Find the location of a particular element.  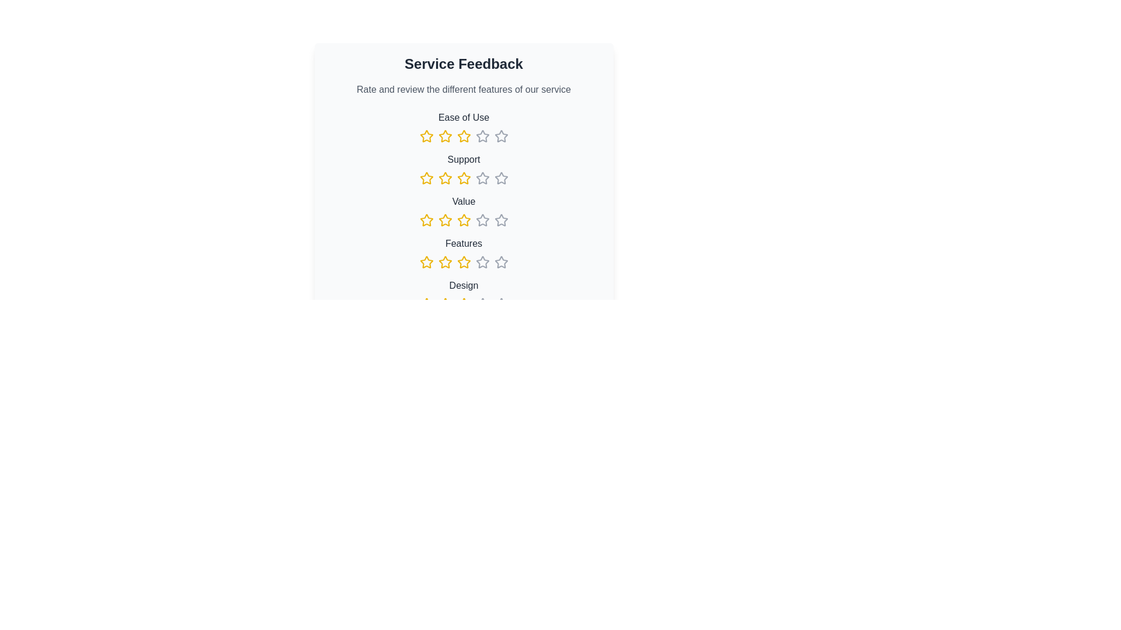

the third star in the 'Value' rating row under the 'Service Feedback' section is located at coordinates (482, 220).